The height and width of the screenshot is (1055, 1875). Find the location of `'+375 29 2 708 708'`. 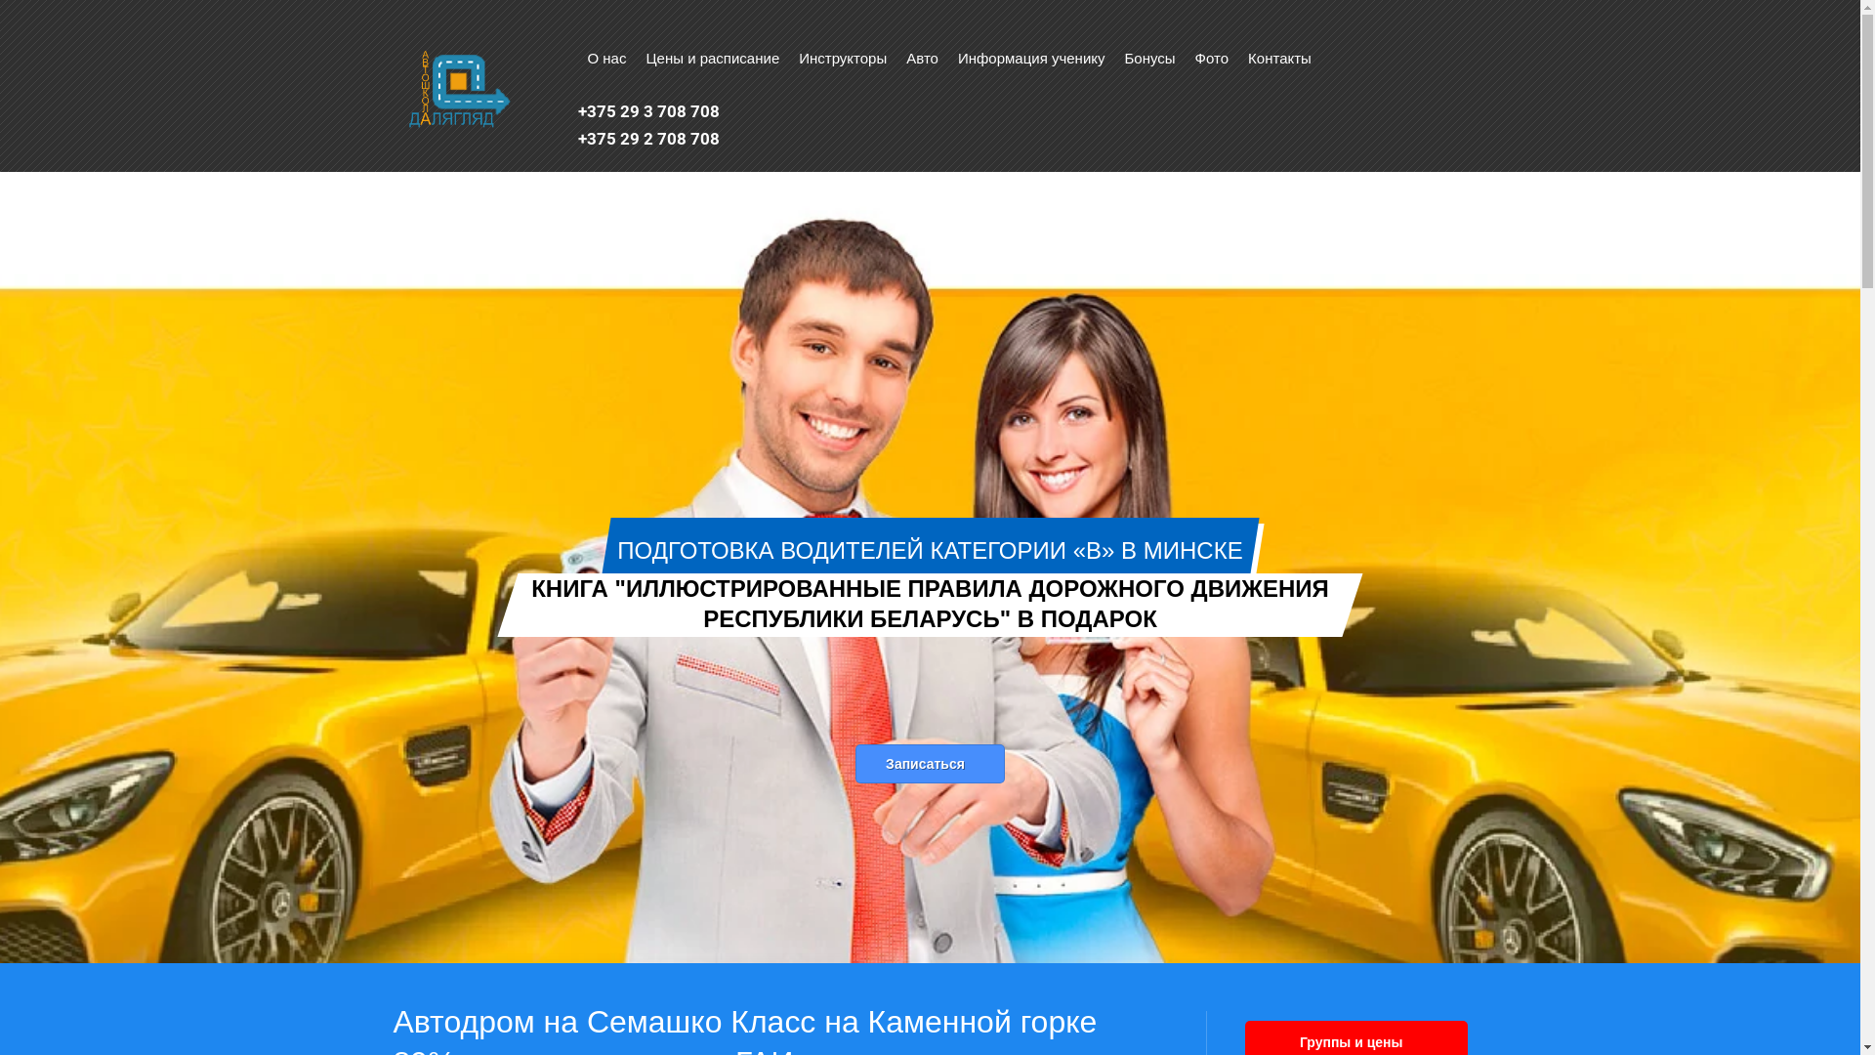

'+375 29 2 708 708' is located at coordinates (648, 138).